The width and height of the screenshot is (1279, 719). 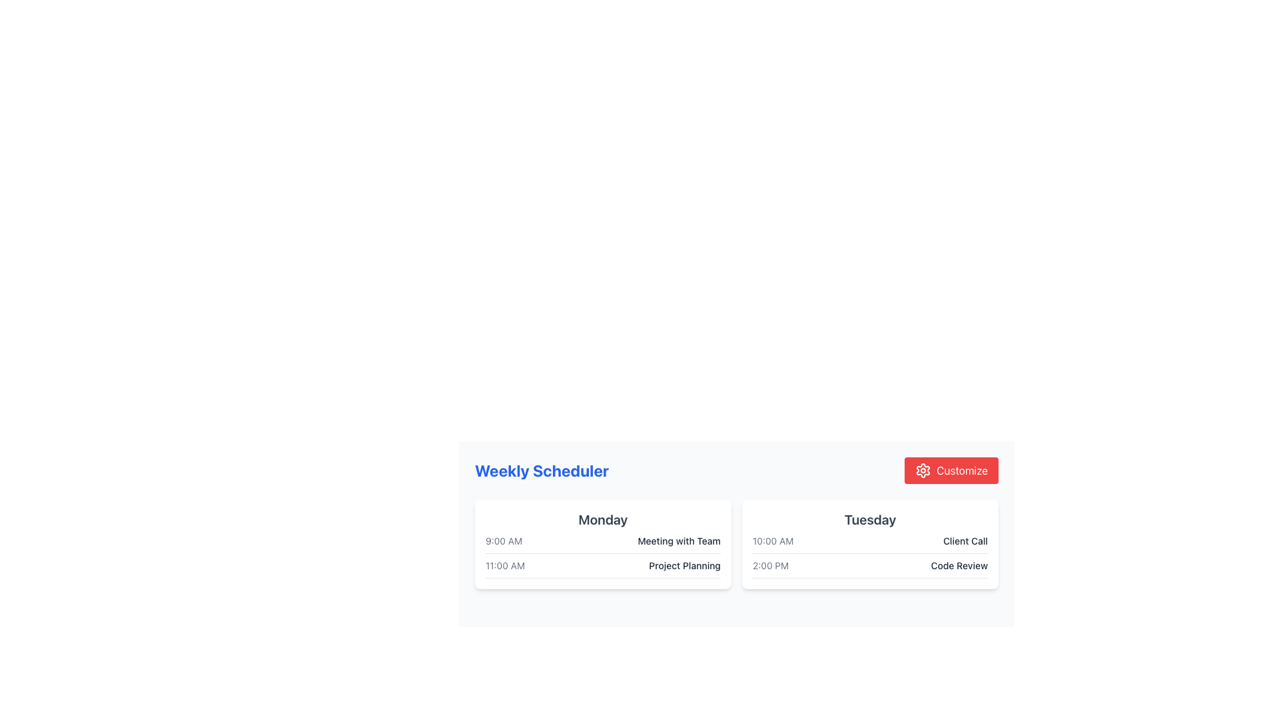 I want to click on the 'Weekly Scheduler' text label, which is styled with a bold font and blue color, located in the header section of the scheduler interface, so click(x=542, y=469).